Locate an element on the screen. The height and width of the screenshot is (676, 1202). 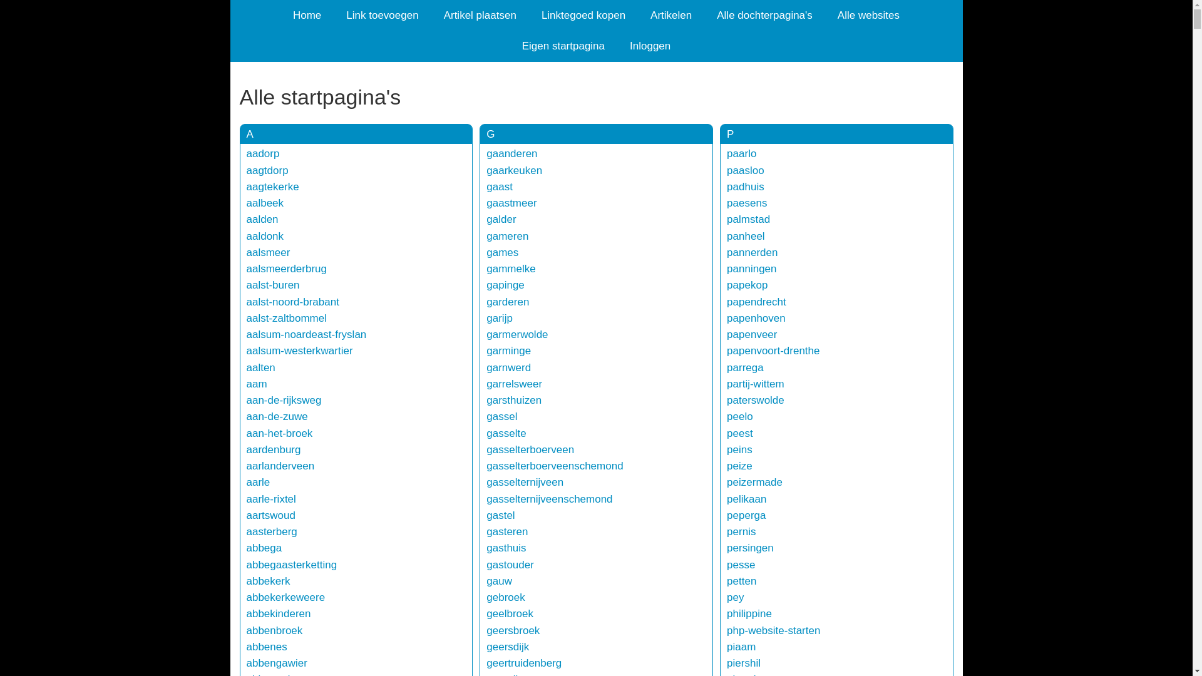
'abbenes' is located at coordinates (266, 647).